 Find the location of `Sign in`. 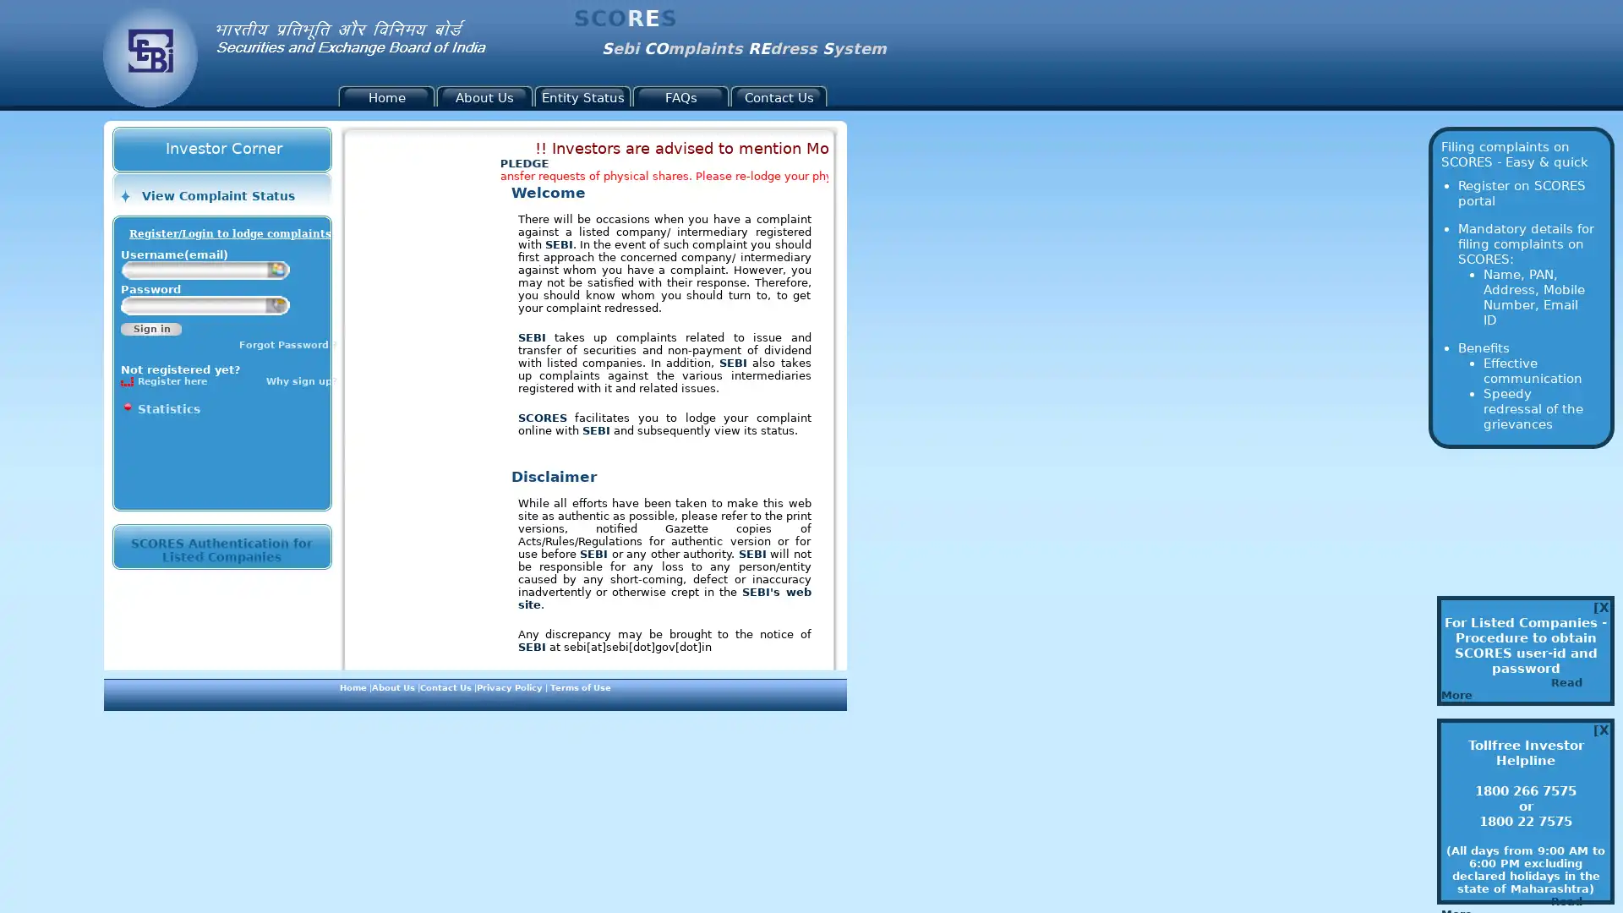

Sign in is located at coordinates (151, 330).